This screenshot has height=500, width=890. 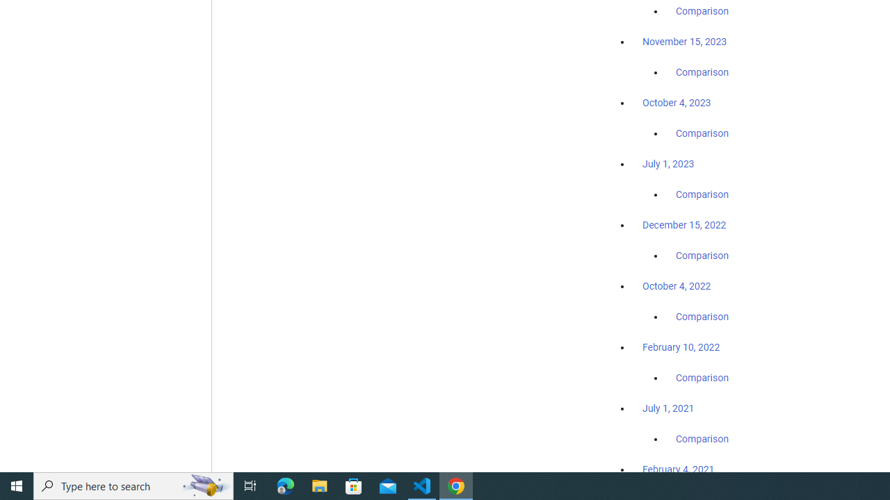 I want to click on 'February 10, 2022', so click(x=681, y=347).